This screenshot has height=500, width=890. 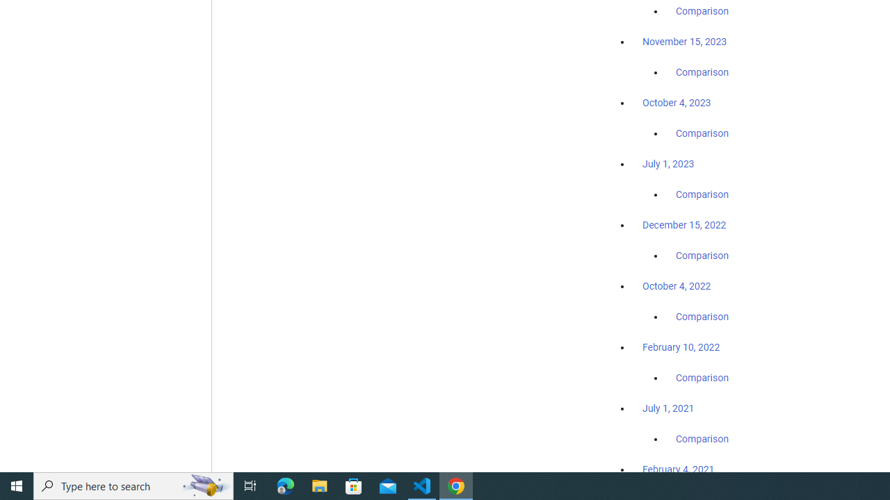 I want to click on 'February 10, 2022', so click(x=681, y=347).